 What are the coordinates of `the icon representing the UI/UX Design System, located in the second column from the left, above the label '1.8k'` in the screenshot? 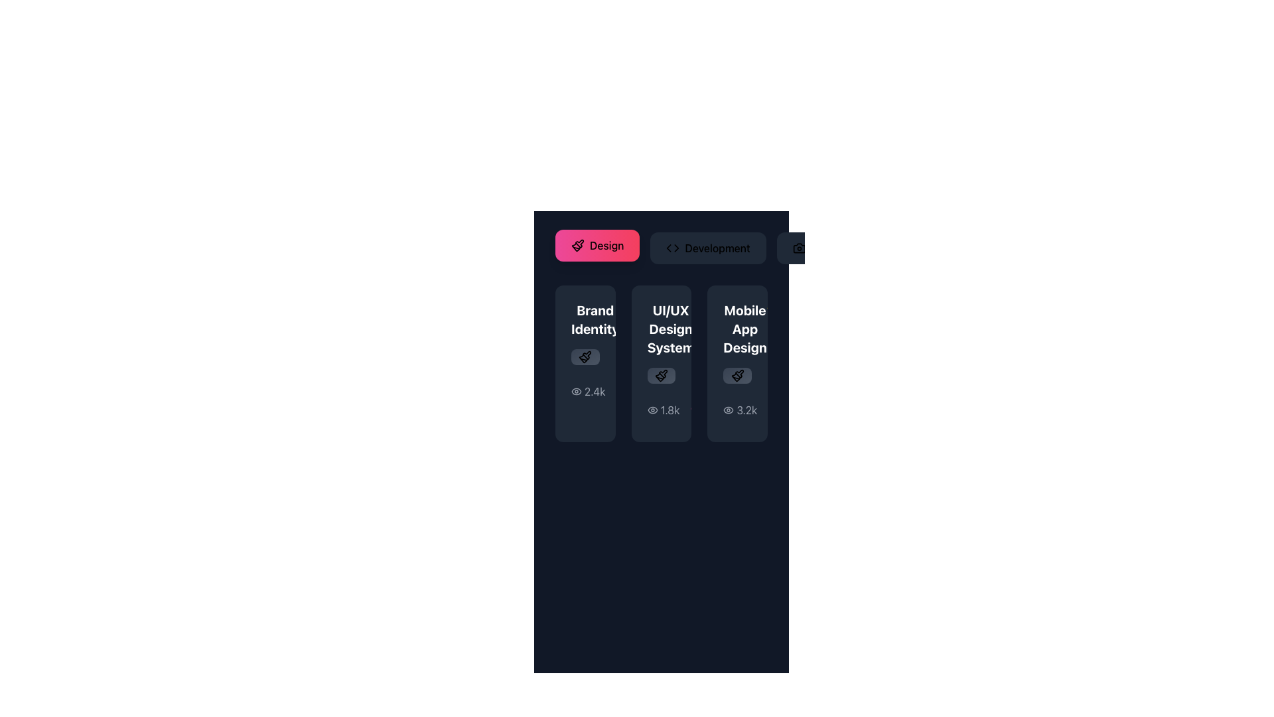 It's located at (662, 376).